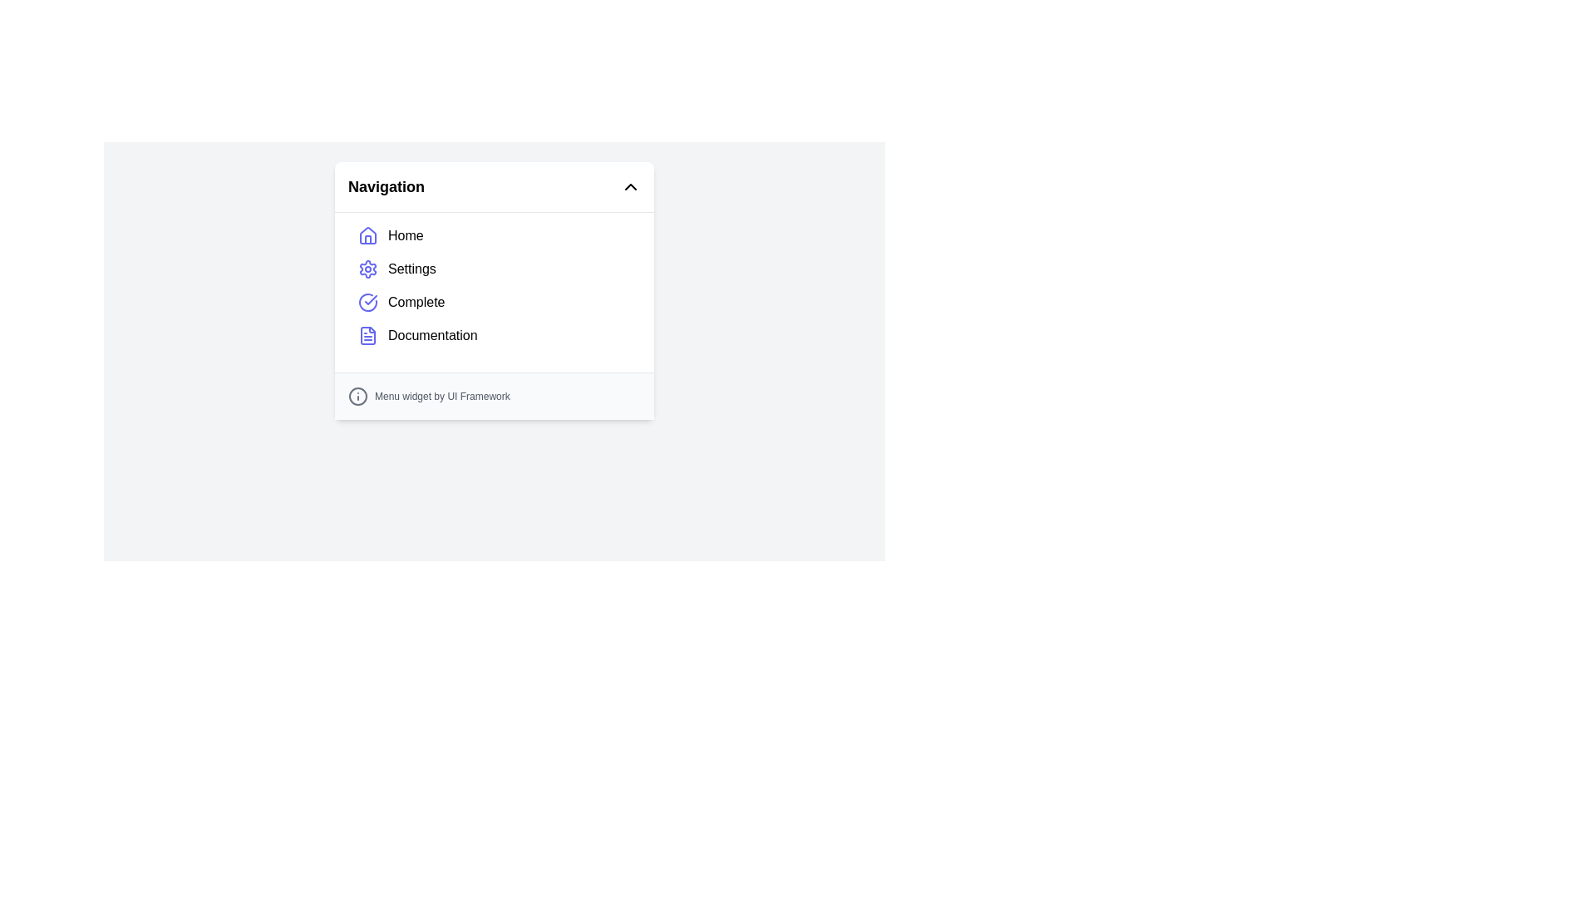  I want to click on the non-interactive icon located at the leftmost side of the footer section of the dropdown menu, which precedes the text label 'Menu widget by UI Framework.', so click(357, 397).